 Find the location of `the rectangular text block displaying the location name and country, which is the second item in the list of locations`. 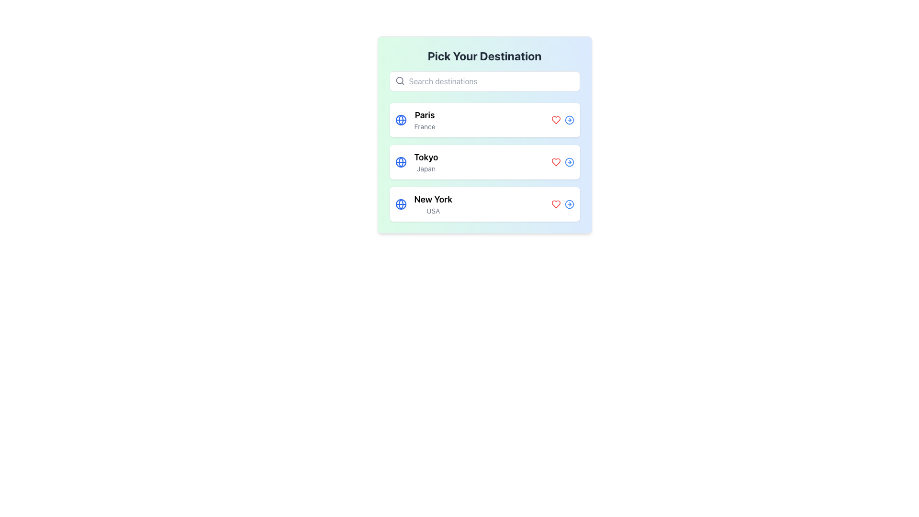

the rectangular text block displaying the location name and country, which is the second item in the list of locations is located at coordinates (416, 162).